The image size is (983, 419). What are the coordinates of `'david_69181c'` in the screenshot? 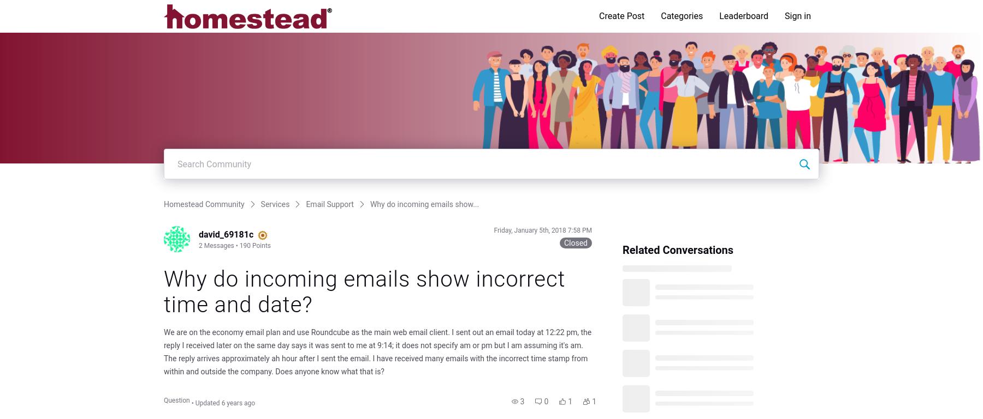 It's located at (226, 234).